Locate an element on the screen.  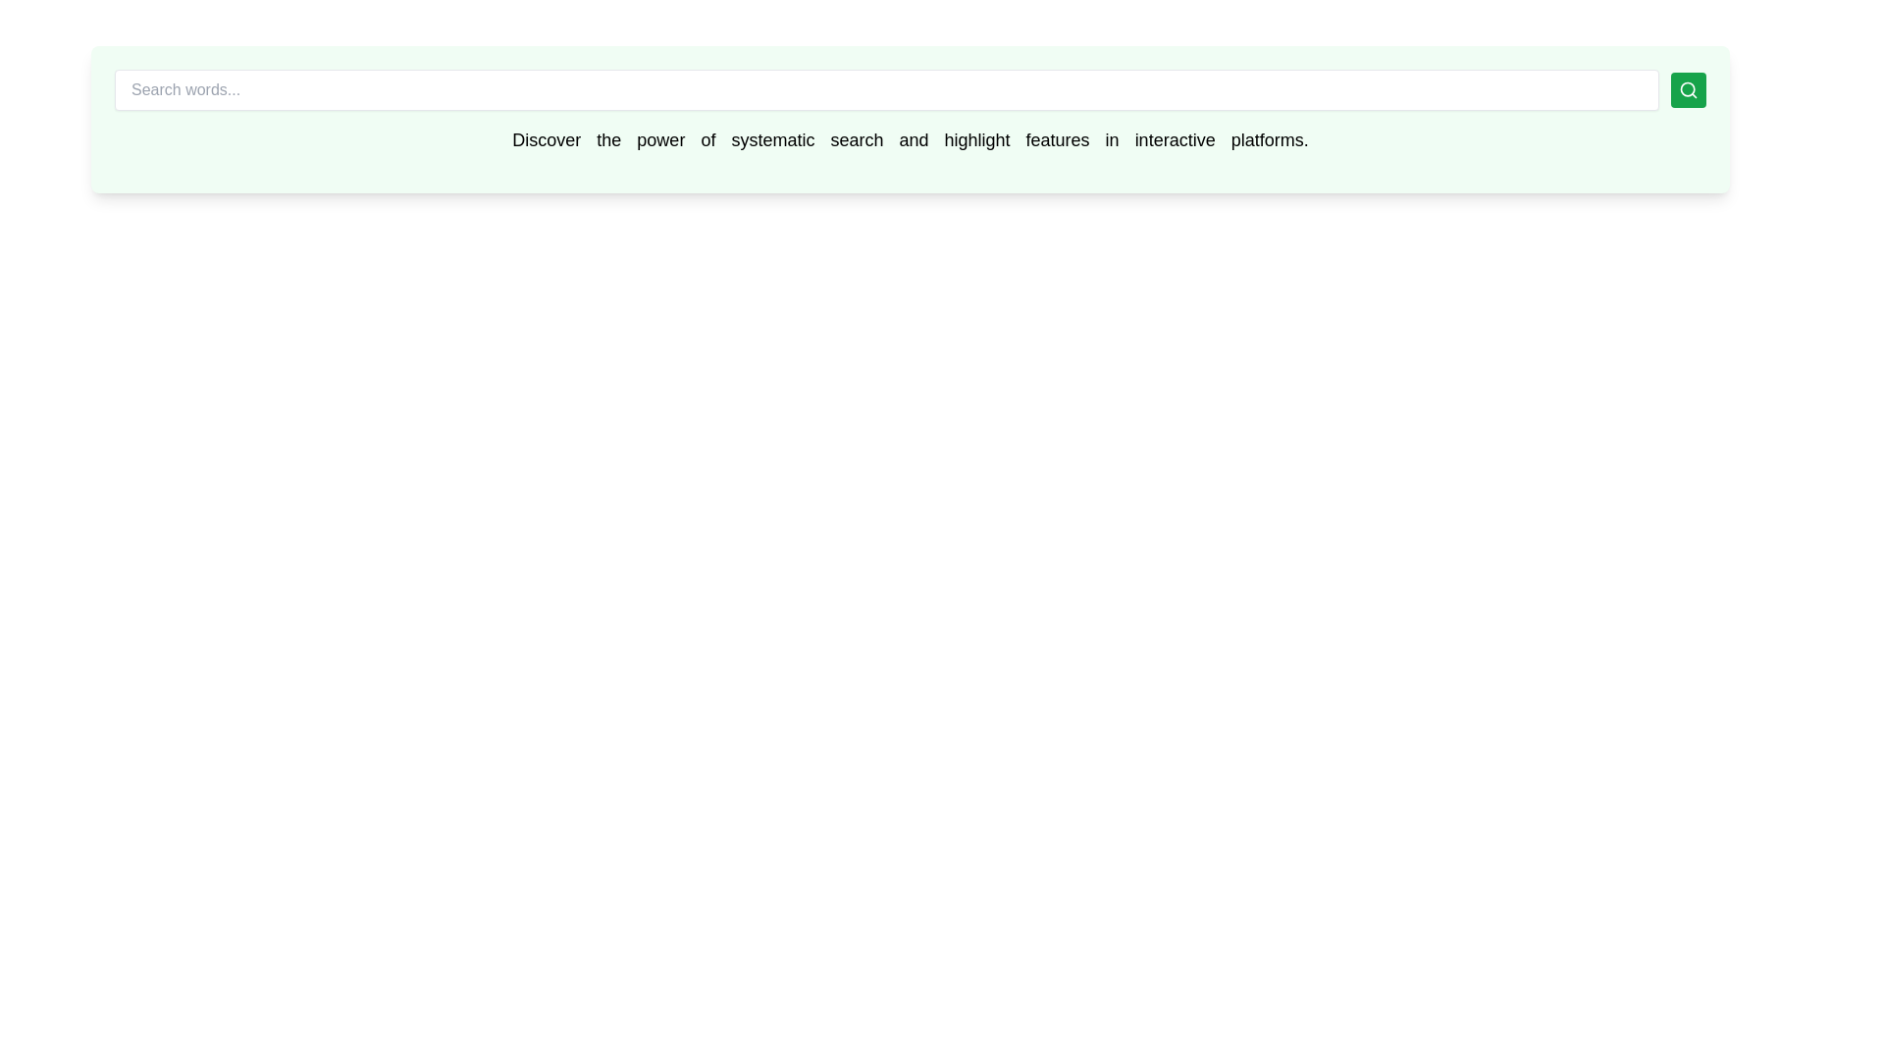
the static text element located in the eighth position among its siblings, which is part of a sentence centered in a light green area, slightly below the search bar is located at coordinates (977, 138).